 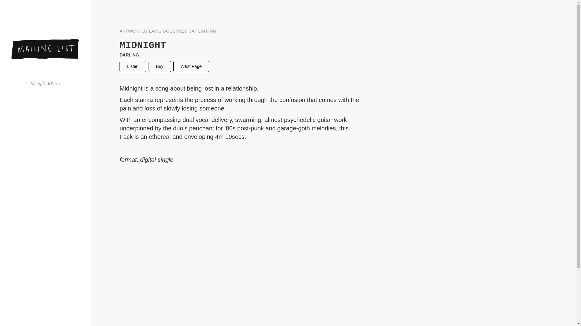 What do you see at coordinates (132, 66) in the screenshot?
I see `'Listen'` at bounding box center [132, 66].